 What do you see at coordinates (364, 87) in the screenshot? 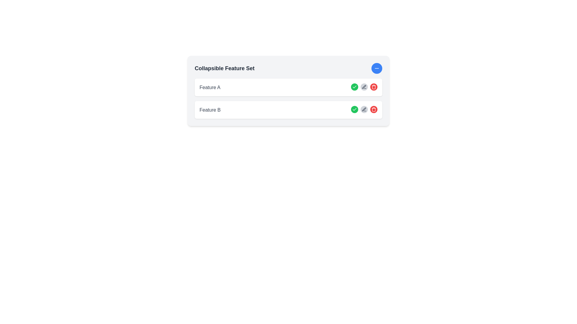
I see `the edit button located between a green check icon and a red trash can icon to initiate the edit action` at bounding box center [364, 87].